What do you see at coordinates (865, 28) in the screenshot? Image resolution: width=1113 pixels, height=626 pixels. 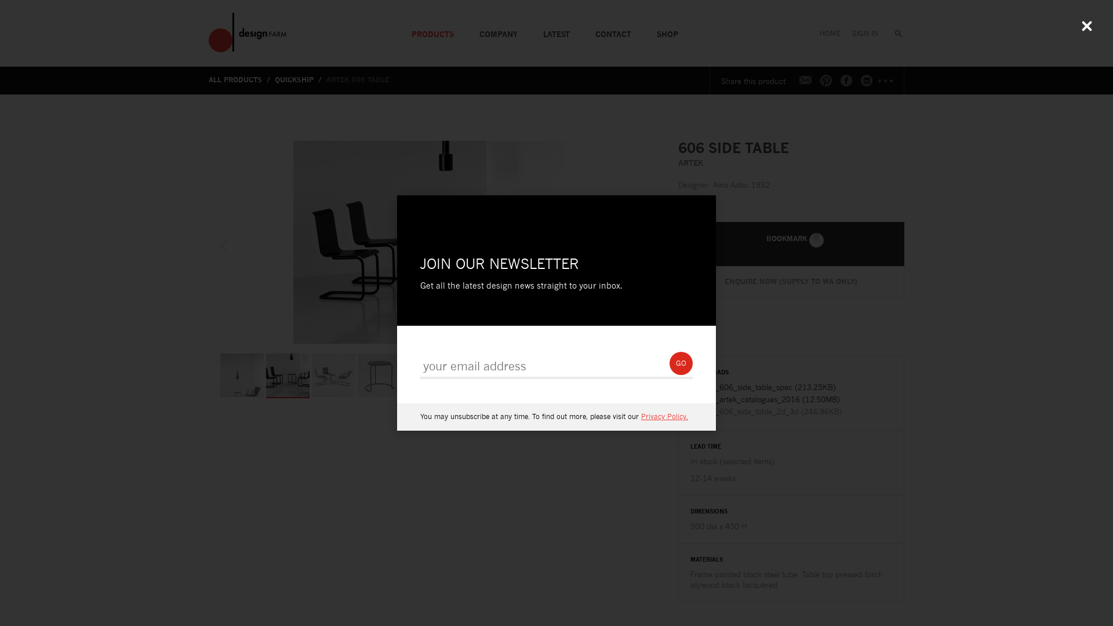 I see `'SIGN IN'` at bounding box center [865, 28].